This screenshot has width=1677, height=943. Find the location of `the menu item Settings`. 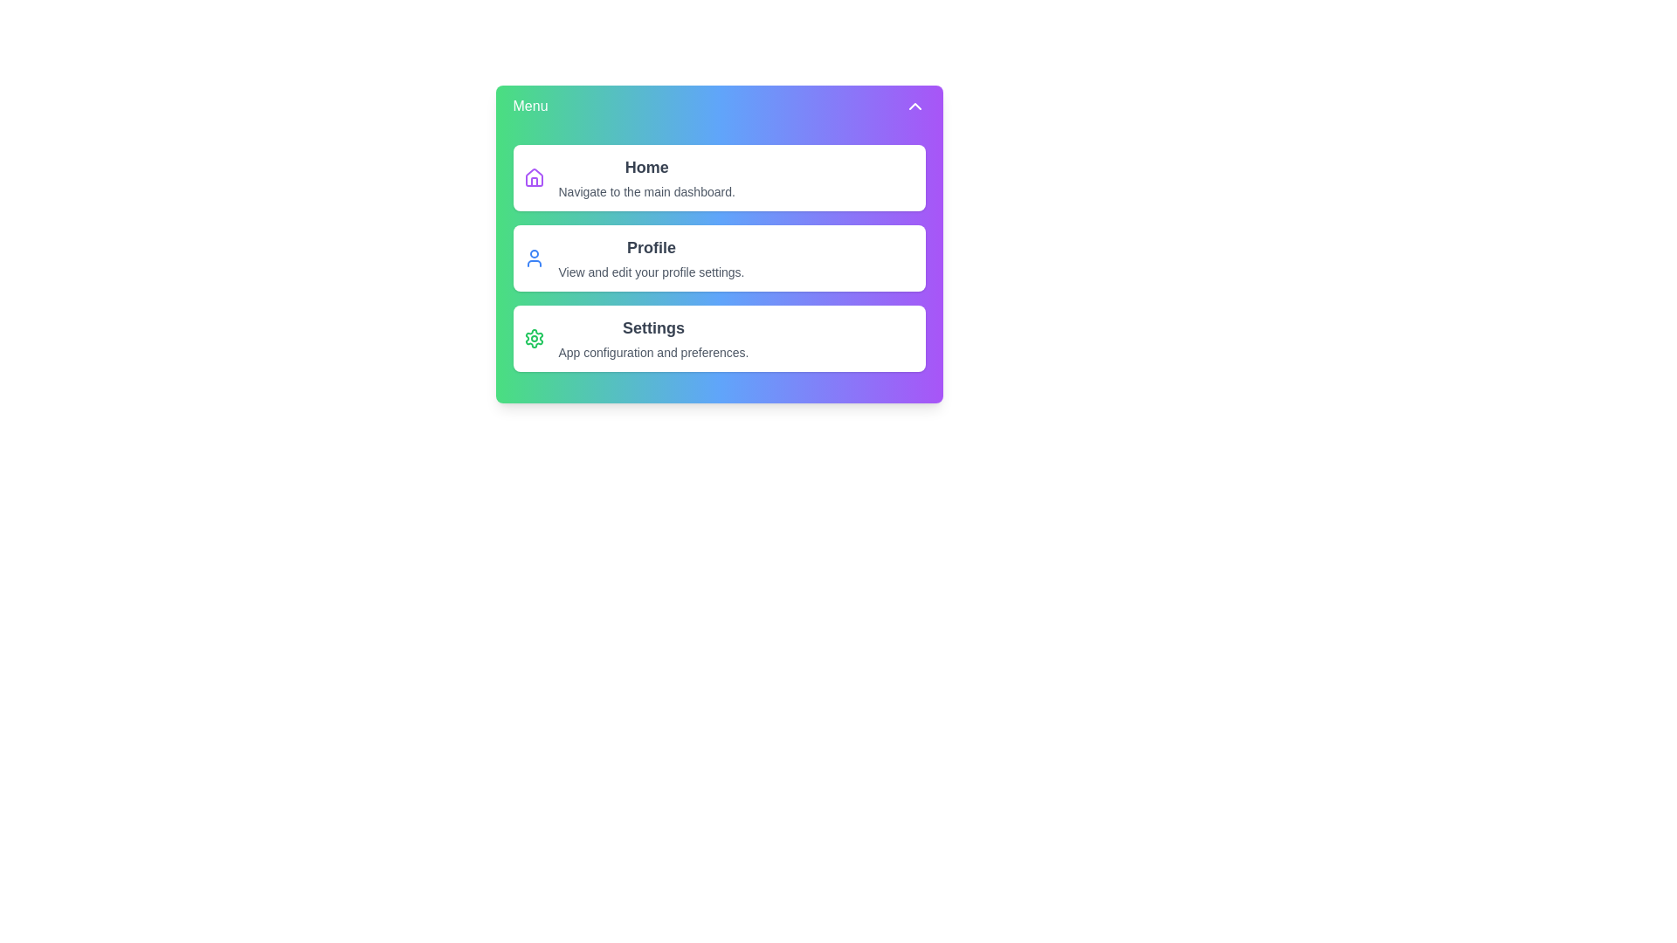

the menu item Settings is located at coordinates (719, 339).